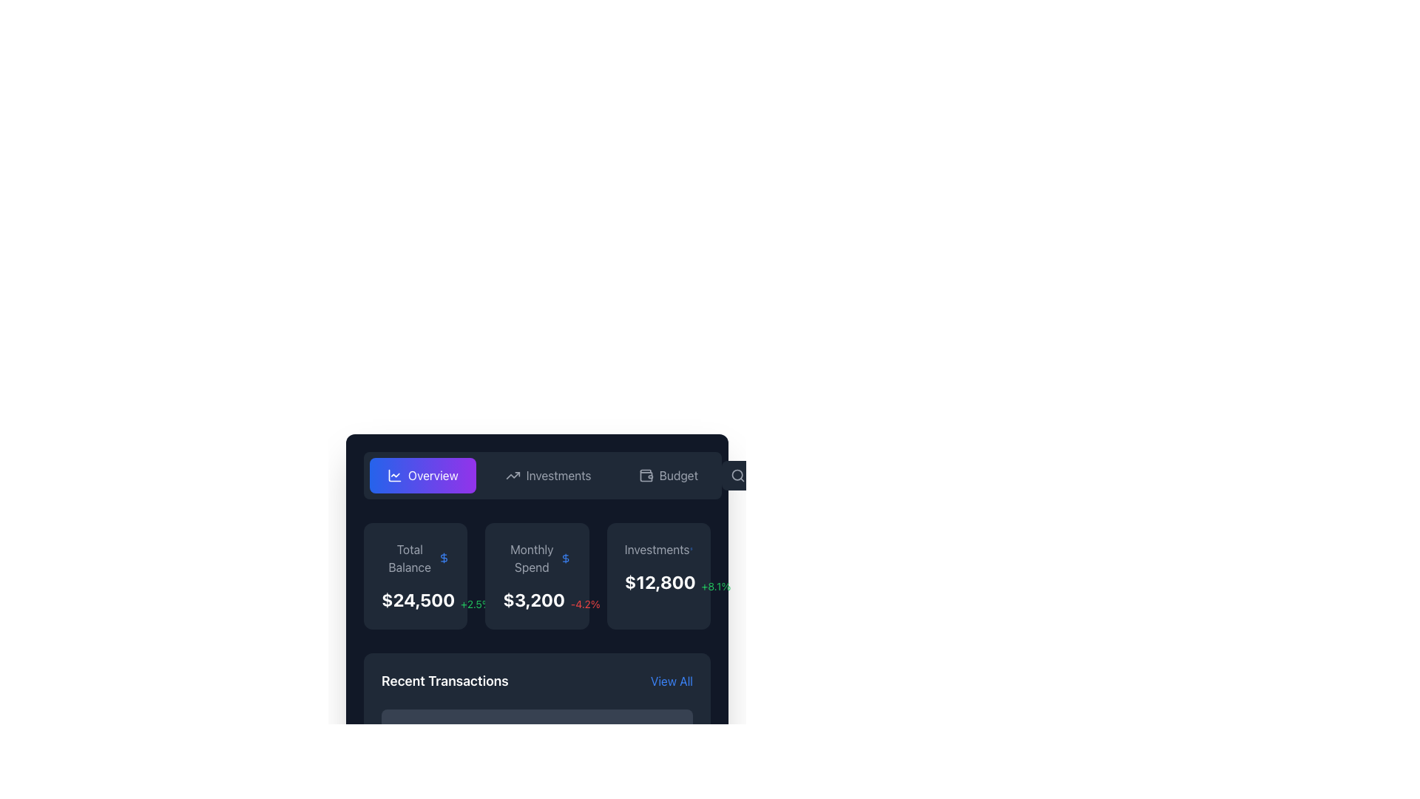 The width and height of the screenshot is (1420, 799). I want to click on the upper structure of the wallet icon, which is a decorative part of the wallet icon in the navigation bar, located near the upper-right corner of the interface, so click(646, 473).